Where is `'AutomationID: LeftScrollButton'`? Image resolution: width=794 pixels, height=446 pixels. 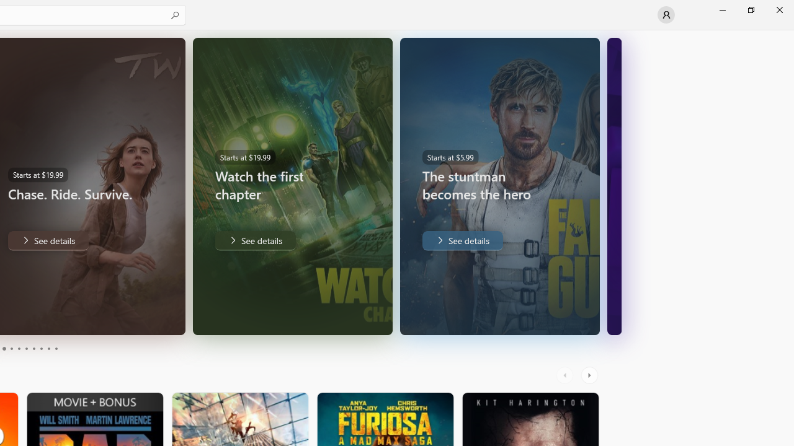
'AutomationID: LeftScrollButton' is located at coordinates (566, 375).